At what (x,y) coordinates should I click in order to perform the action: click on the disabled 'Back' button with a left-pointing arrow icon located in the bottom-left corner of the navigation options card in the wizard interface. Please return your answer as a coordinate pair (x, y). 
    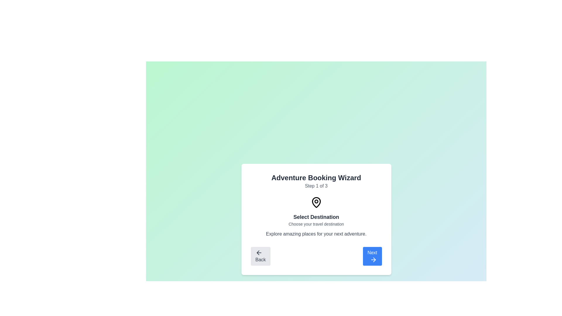
    Looking at the image, I should click on (260, 256).